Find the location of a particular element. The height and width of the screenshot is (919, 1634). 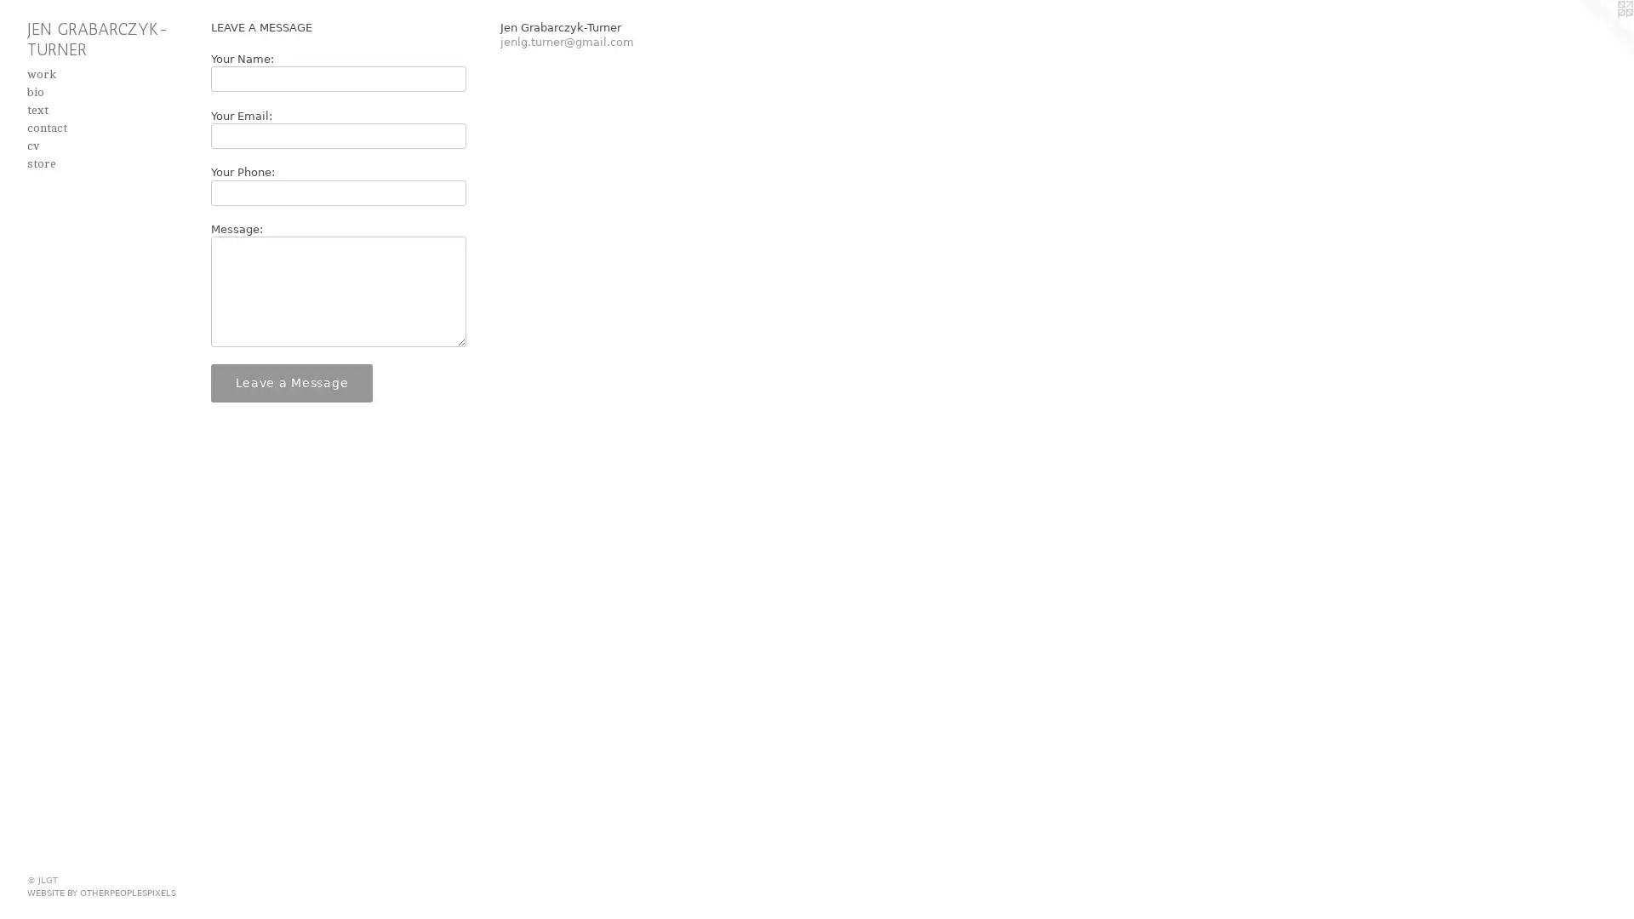

Leave a Message is located at coordinates (291, 381).